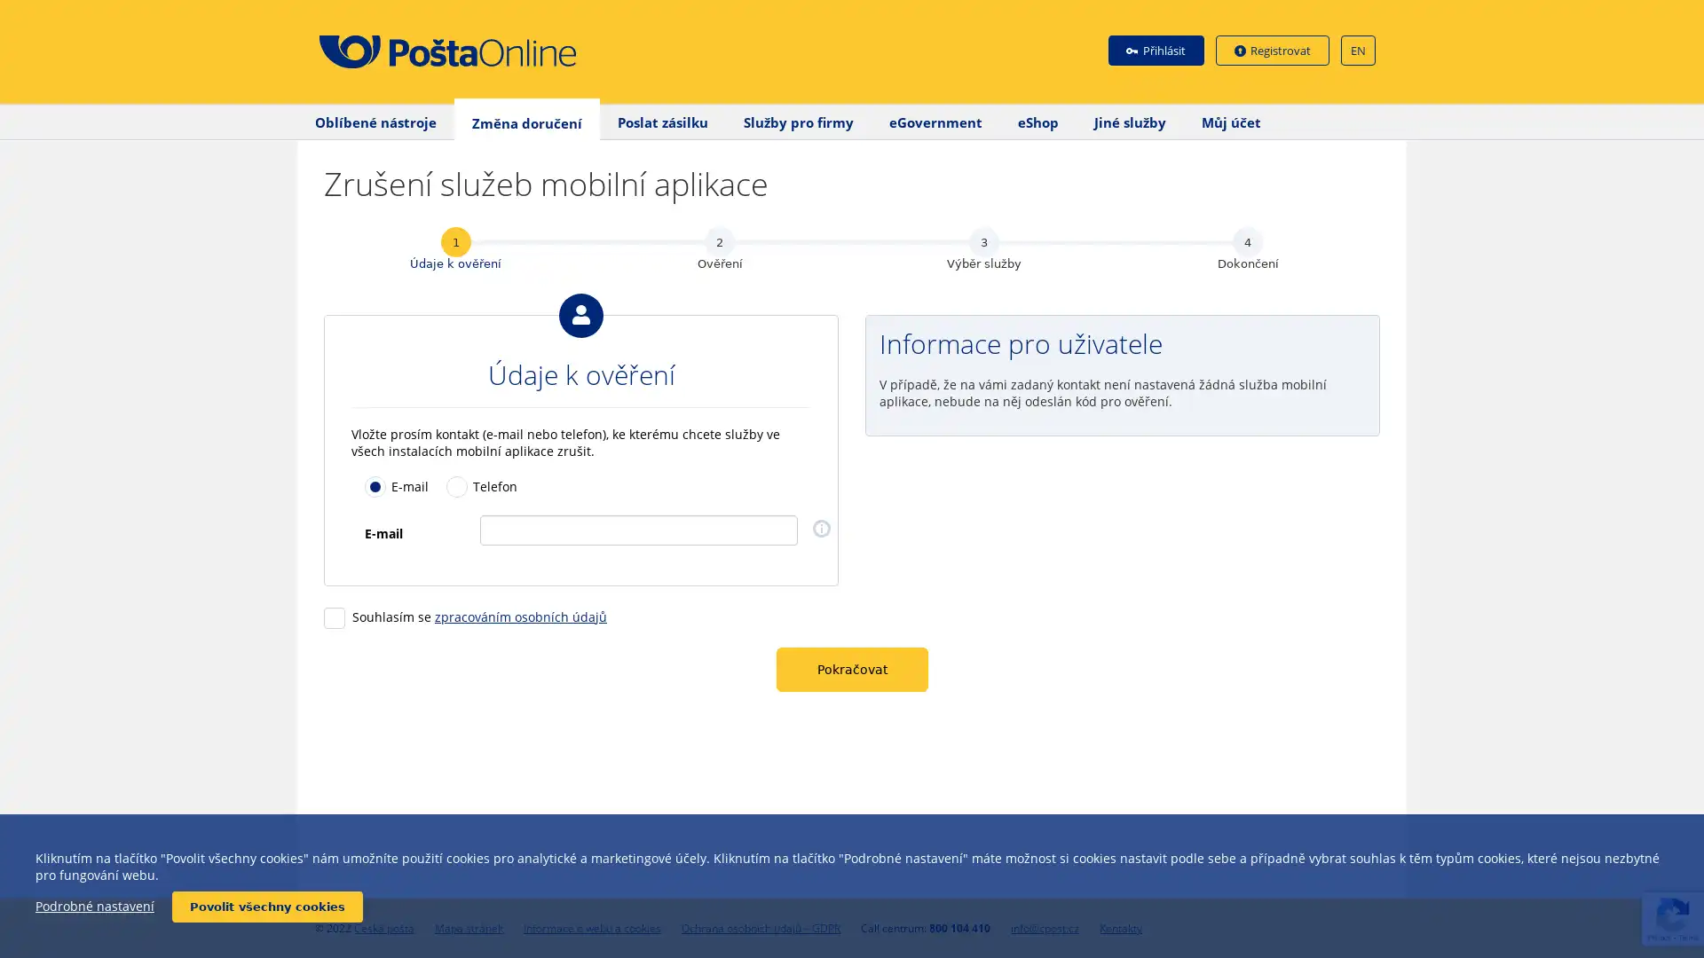 This screenshot has width=1704, height=958. Describe the element at coordinates (850, 669) in the screenshot. I see `Pokracovat` at that location.